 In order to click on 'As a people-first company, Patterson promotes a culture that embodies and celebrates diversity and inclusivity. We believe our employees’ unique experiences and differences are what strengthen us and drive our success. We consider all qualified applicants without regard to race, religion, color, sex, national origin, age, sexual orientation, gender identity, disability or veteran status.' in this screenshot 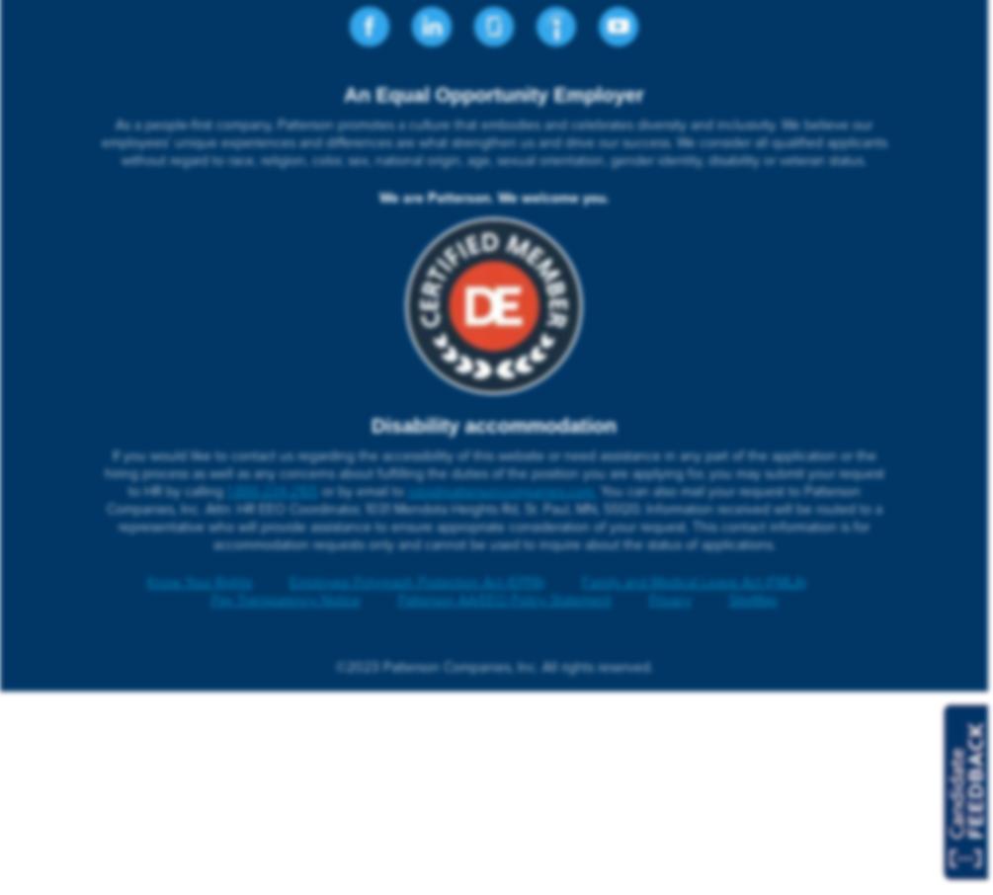, I will do `click(101, 142)`.